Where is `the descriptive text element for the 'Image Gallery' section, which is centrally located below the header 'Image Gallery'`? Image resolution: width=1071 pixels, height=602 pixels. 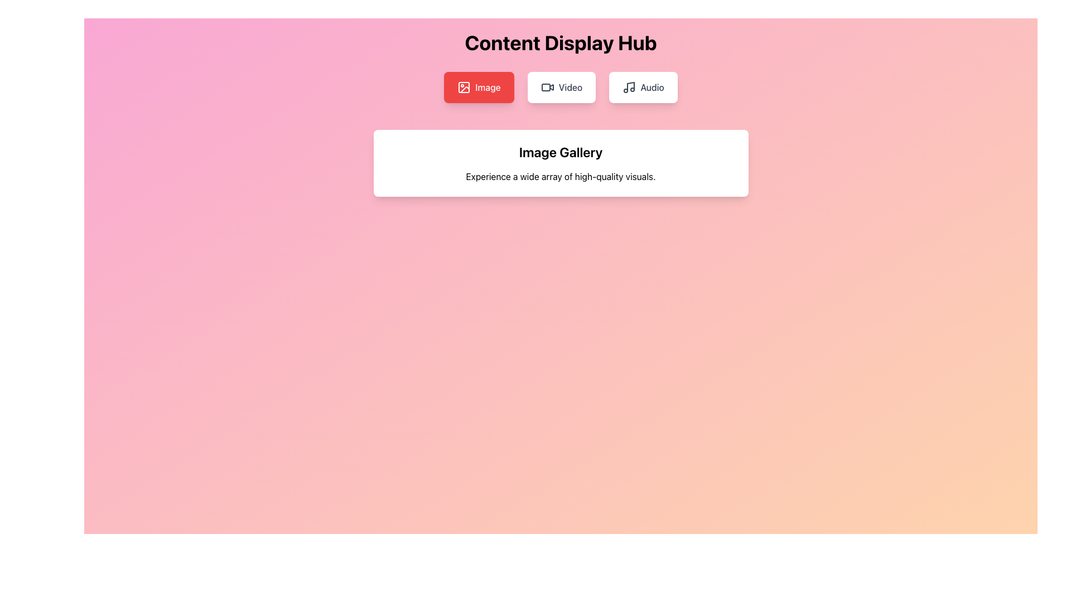
the descriptive text element for the 'Image Gallery' section, which is centrally located below the header 'Image Gallery' is located at coordinates (561, 176).